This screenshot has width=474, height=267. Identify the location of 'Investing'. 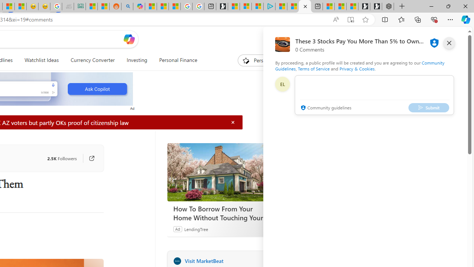
(137, 60).